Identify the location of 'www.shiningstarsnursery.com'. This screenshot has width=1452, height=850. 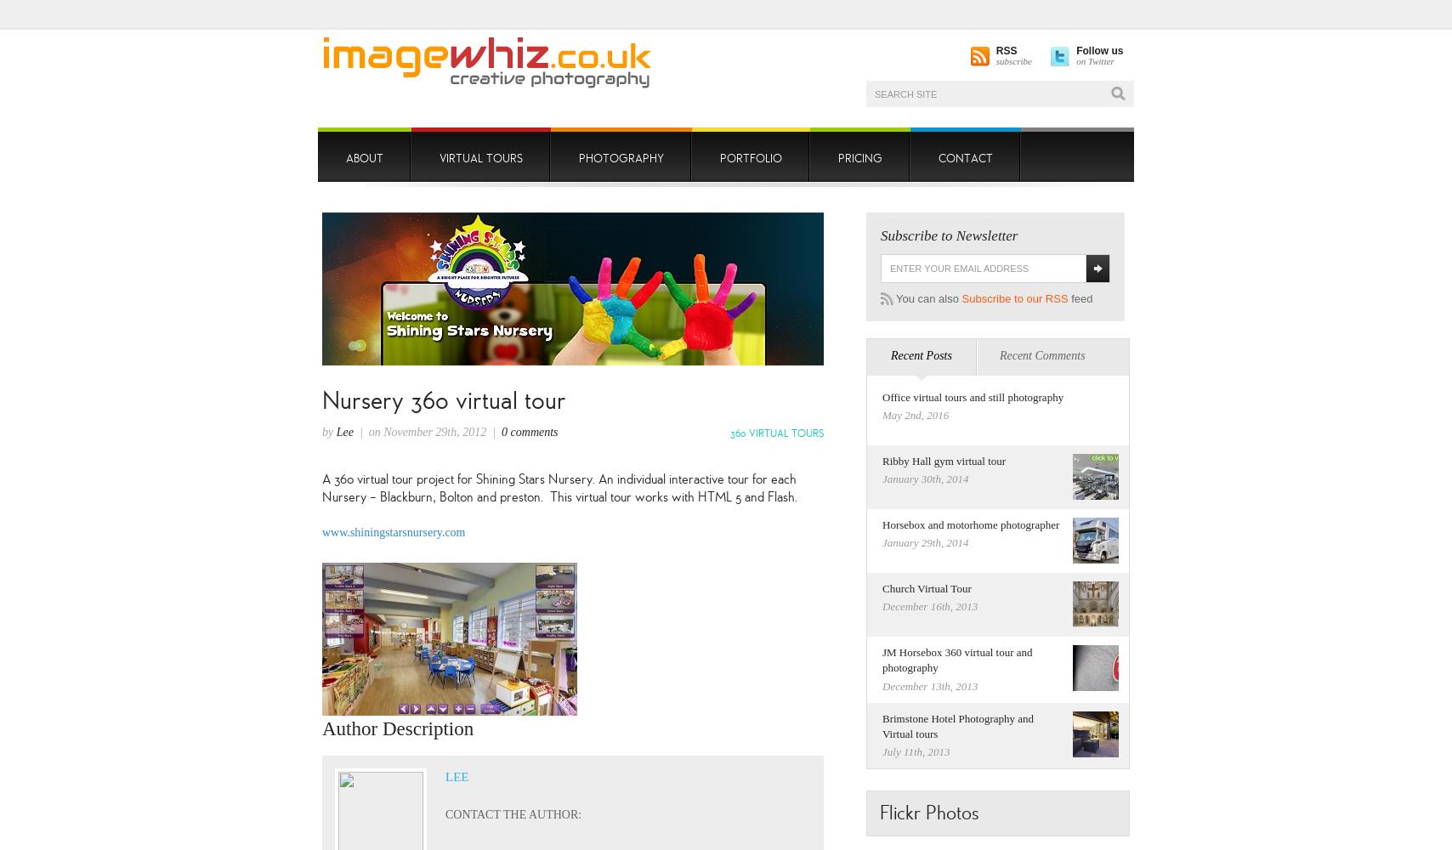
(394, 531).